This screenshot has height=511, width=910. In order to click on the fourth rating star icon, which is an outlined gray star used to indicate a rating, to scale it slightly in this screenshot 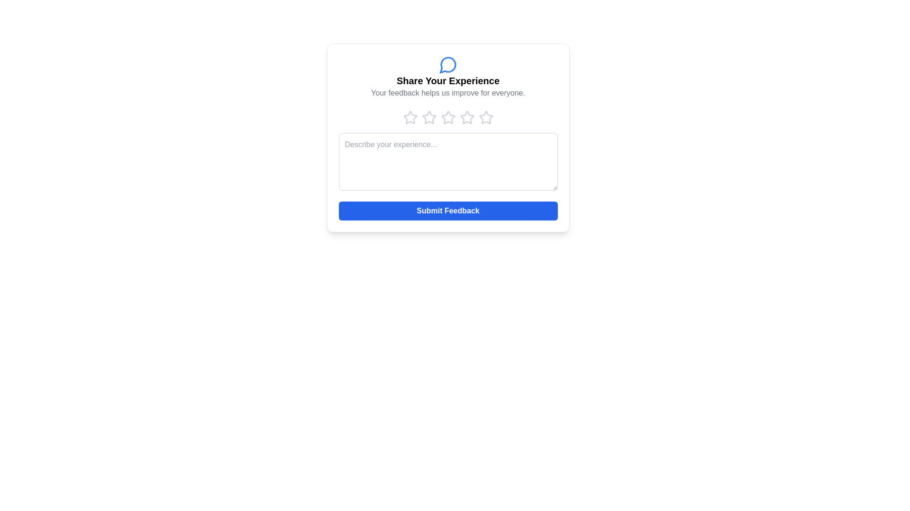, I will do `click(447, 117)`.